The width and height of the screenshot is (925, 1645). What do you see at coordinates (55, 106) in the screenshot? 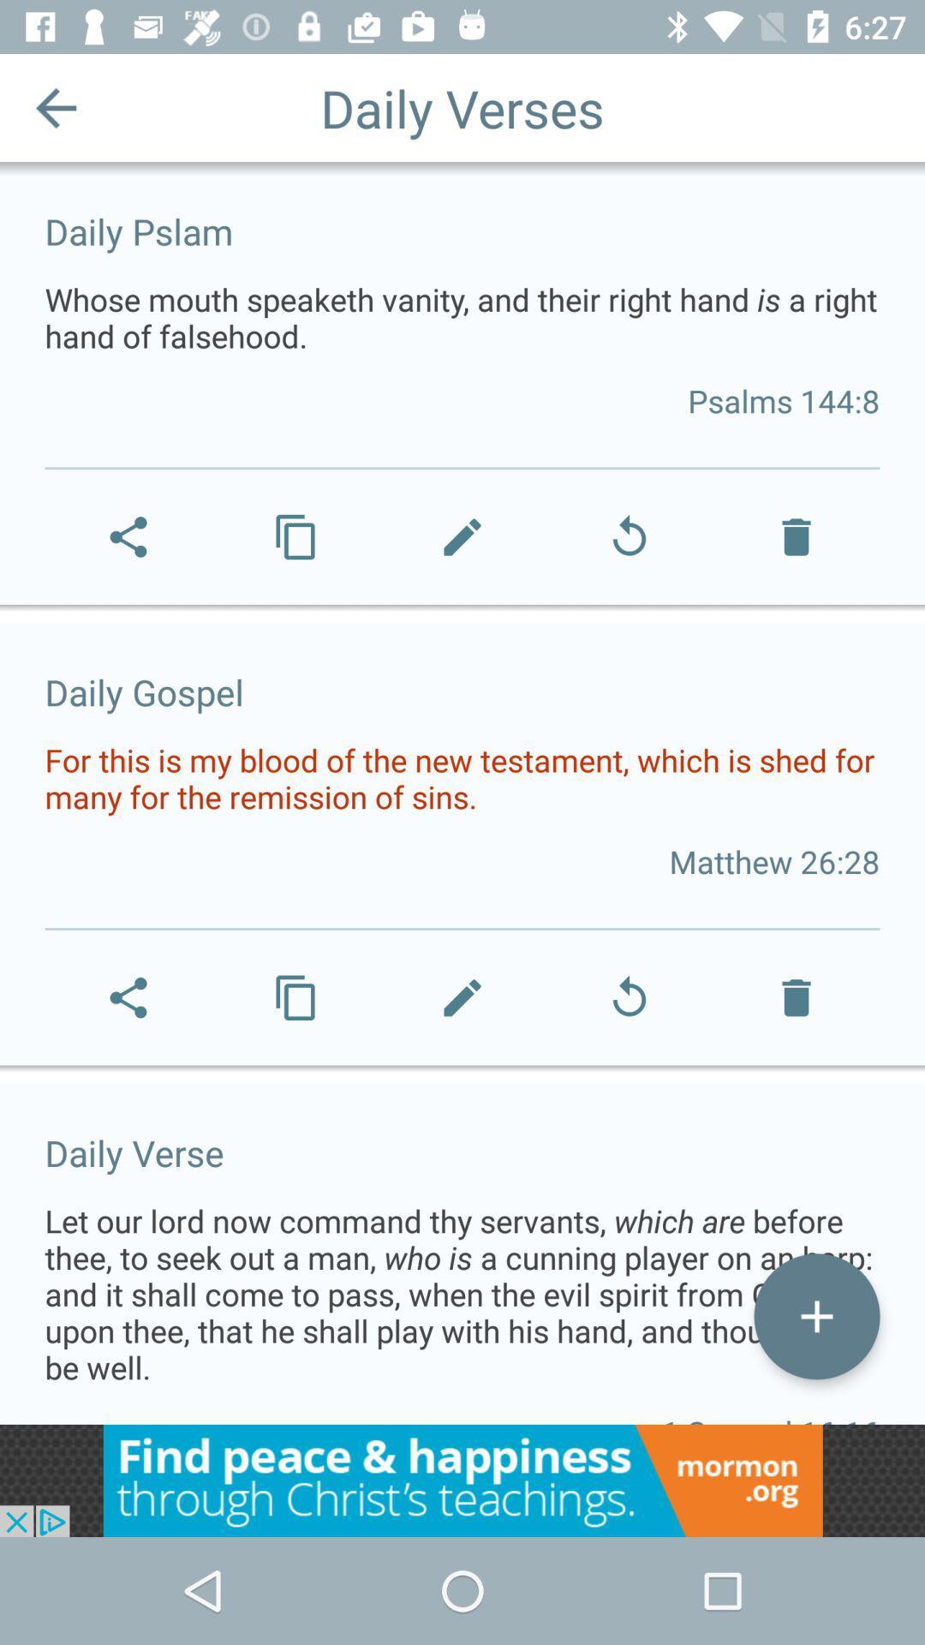
I see `go back` at bounding box center [55, 106].